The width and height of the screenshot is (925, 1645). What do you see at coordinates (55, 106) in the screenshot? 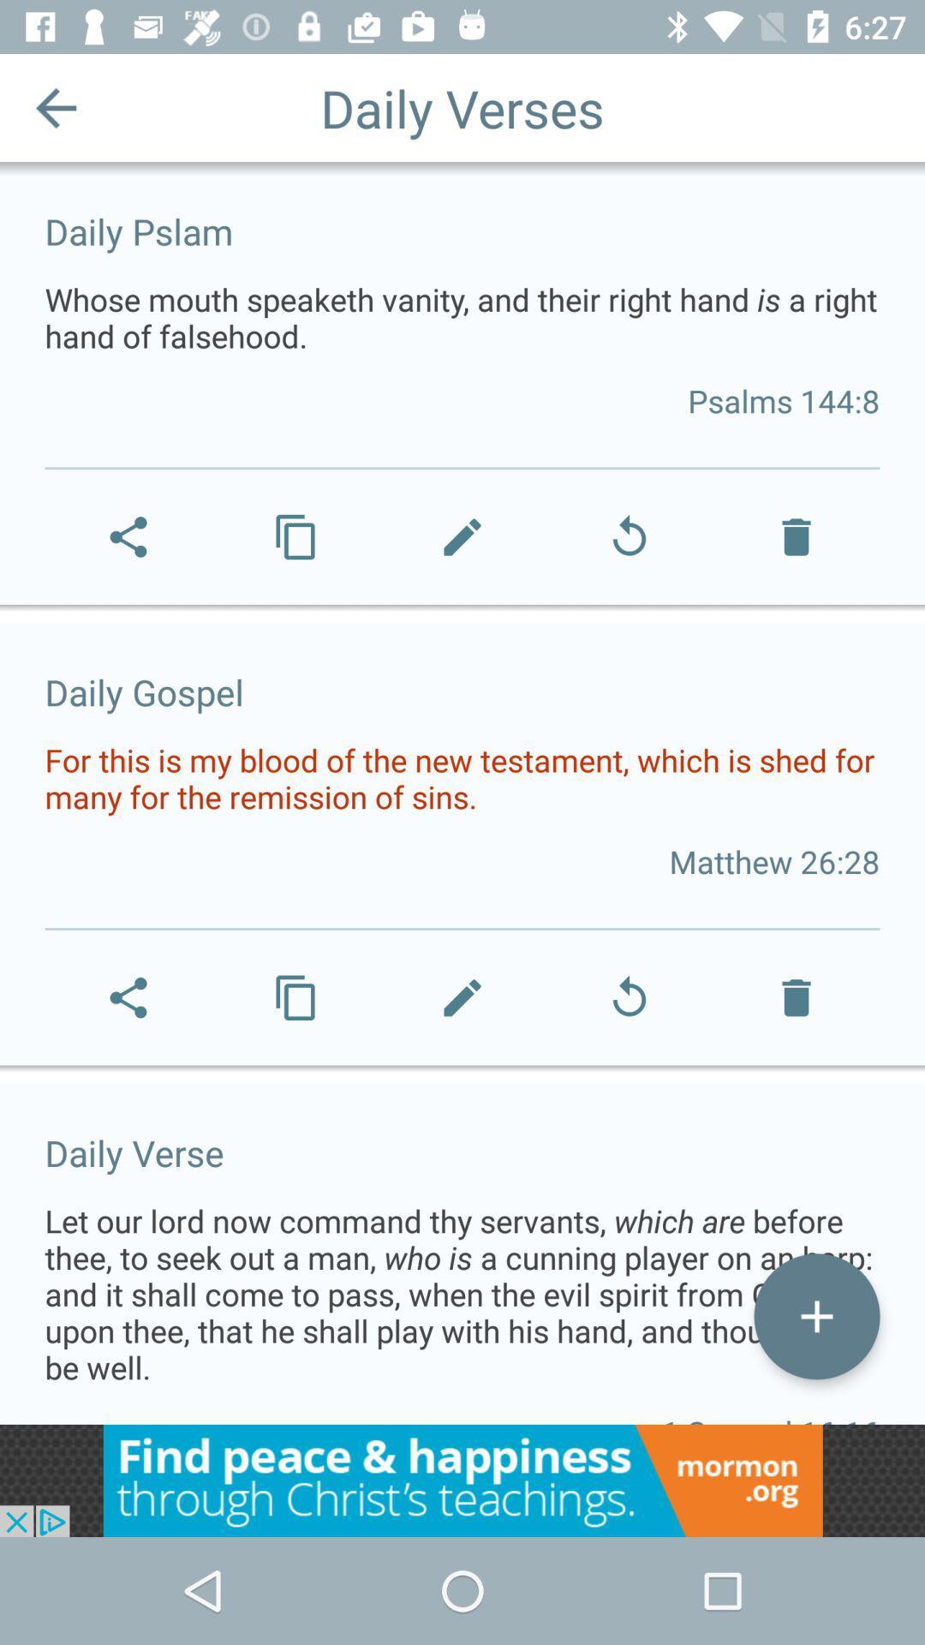
I see `go back` at bounding box center [55, 106].